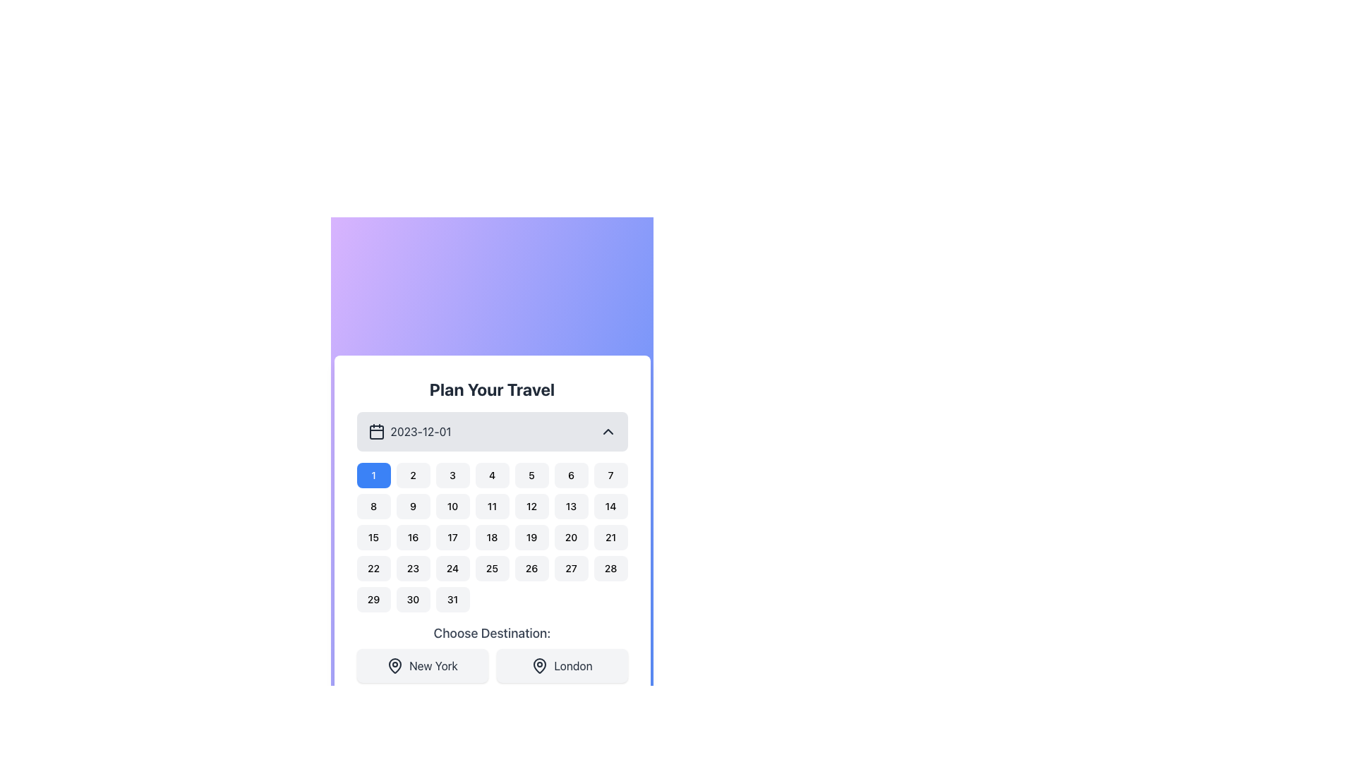  Describe the element at coordinates (373, 476) in the screenshot. I see `the button representing the first day in the displayed month` at that location.